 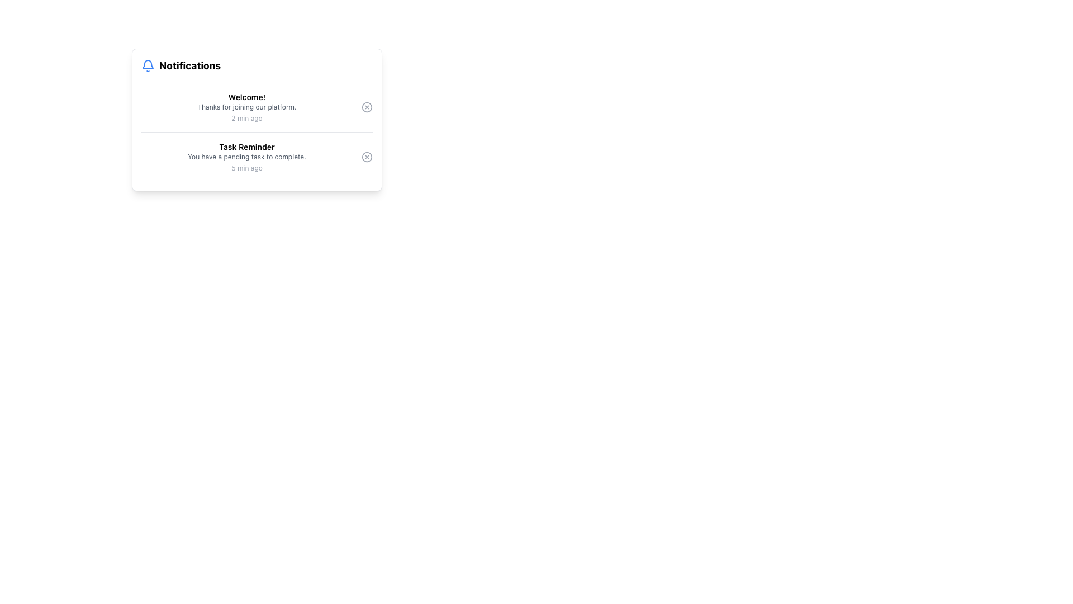 I want to click on the dismiss button for the 'Task Reminder' notification, so click(x=367, y=157).